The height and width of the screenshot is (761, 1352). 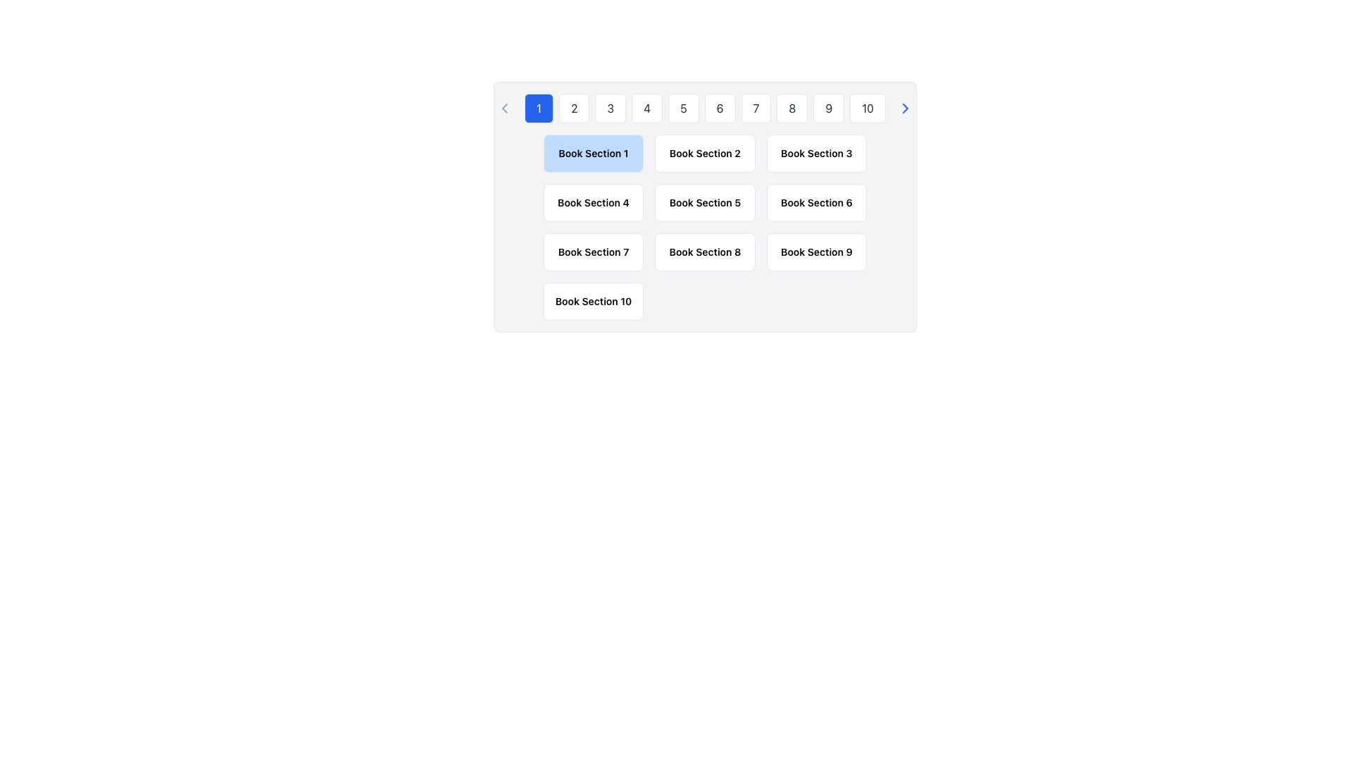 What do you see at coordinates (705, 252) in the screenshot?
I see `text of the label indicating 'Book Section 8', which serves as a header in the navigational interface` at bounding box center [705, 252].